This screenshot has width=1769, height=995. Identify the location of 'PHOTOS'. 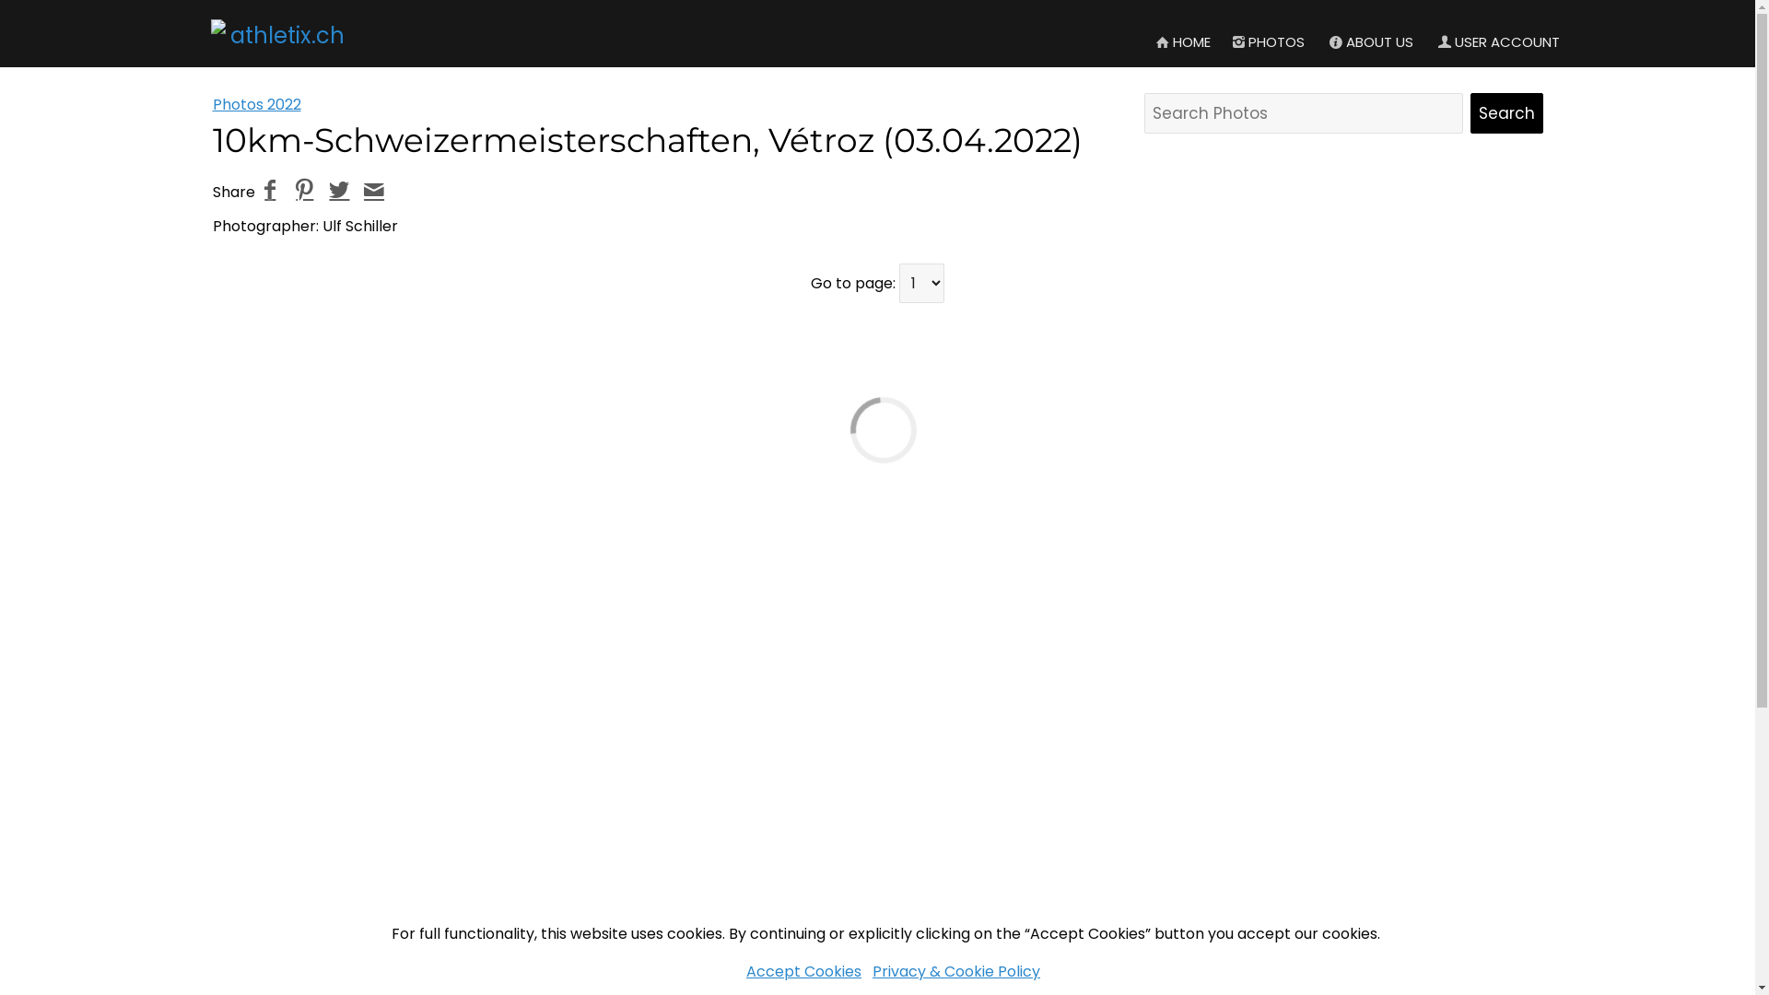
(1220, 41).